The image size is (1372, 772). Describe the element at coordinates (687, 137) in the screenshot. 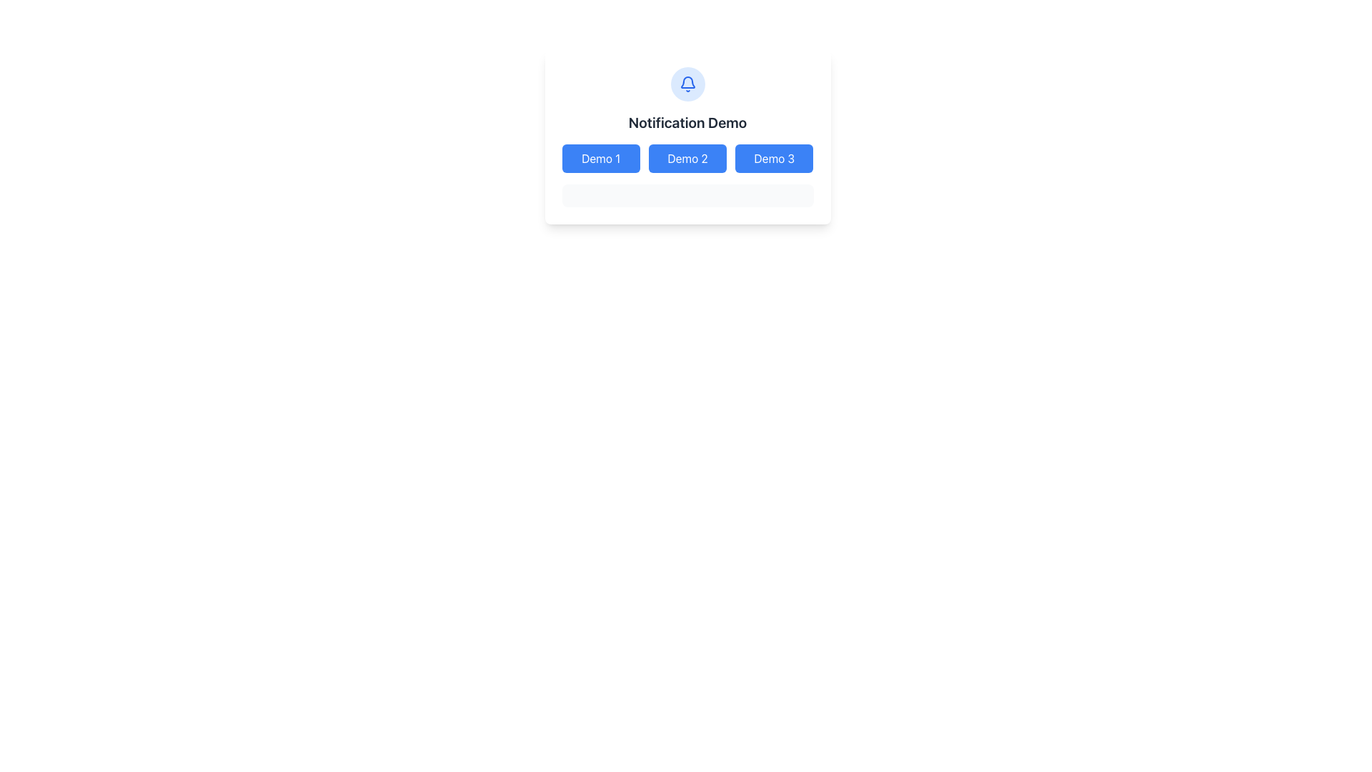

I see `the notification demonstration panel containing the 'Notification Demo' title and associated buttons` at that location.